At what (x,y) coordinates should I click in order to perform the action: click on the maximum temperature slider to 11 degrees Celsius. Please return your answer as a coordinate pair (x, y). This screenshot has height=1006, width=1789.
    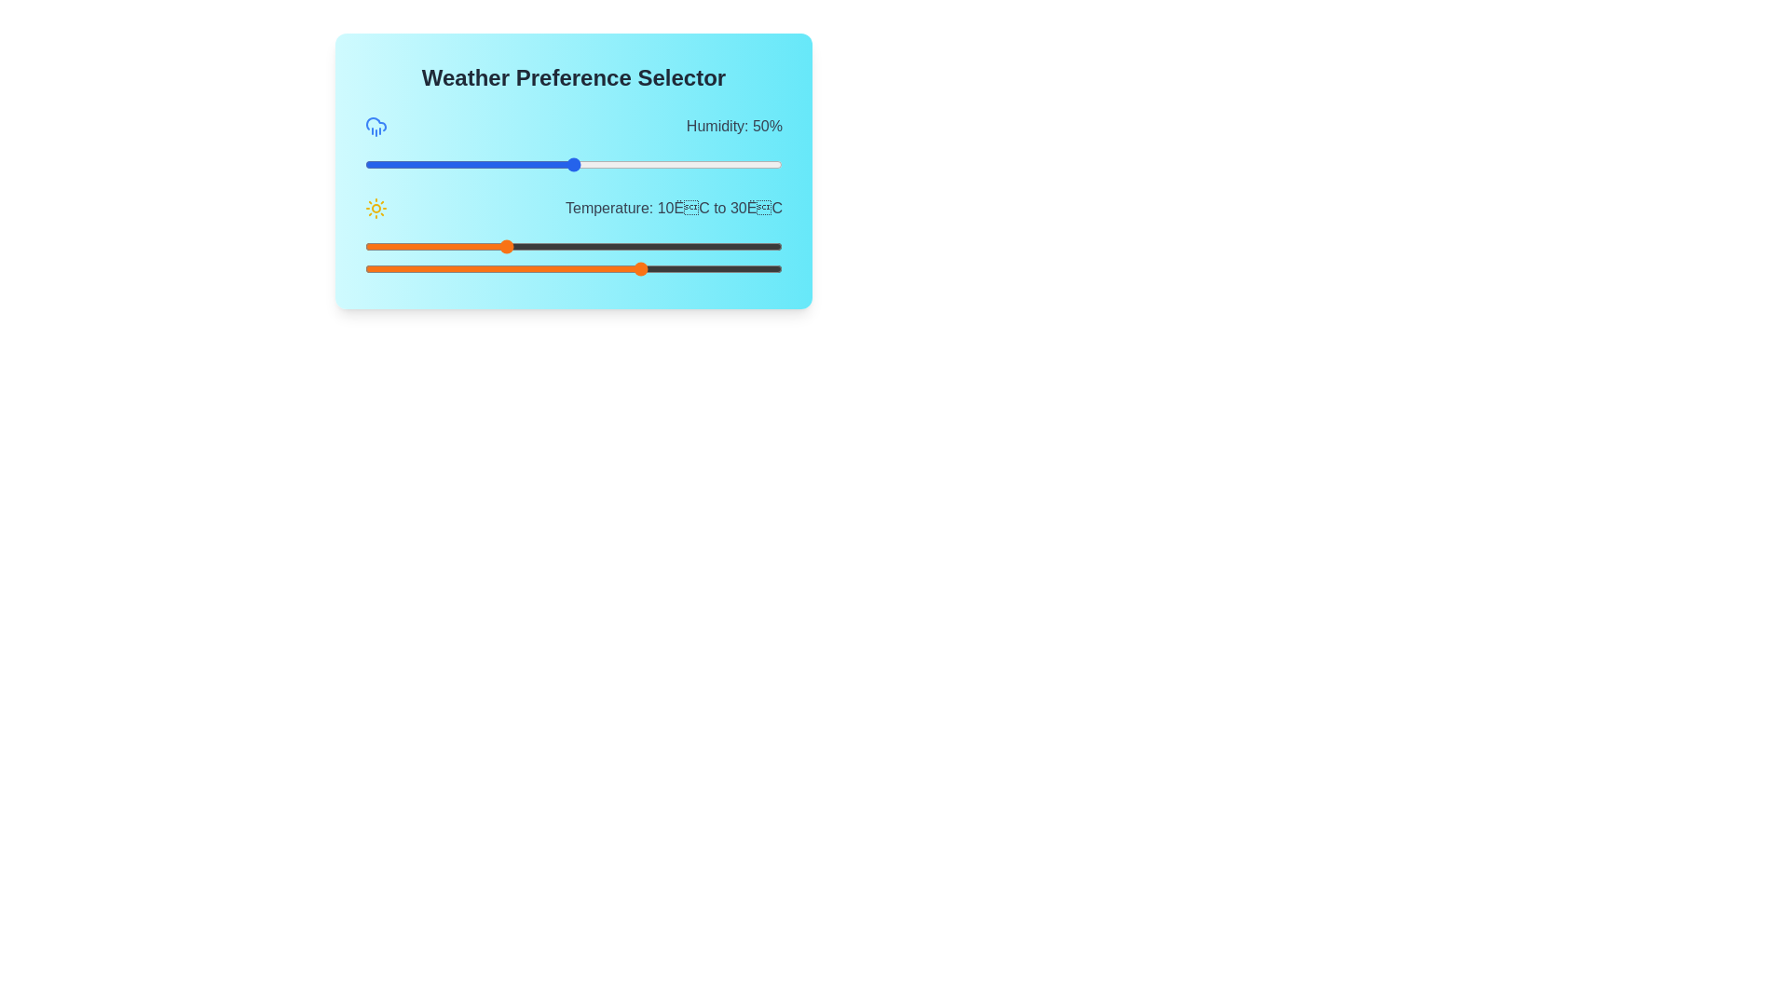
    Looking at the image, I should click on (511, 269).